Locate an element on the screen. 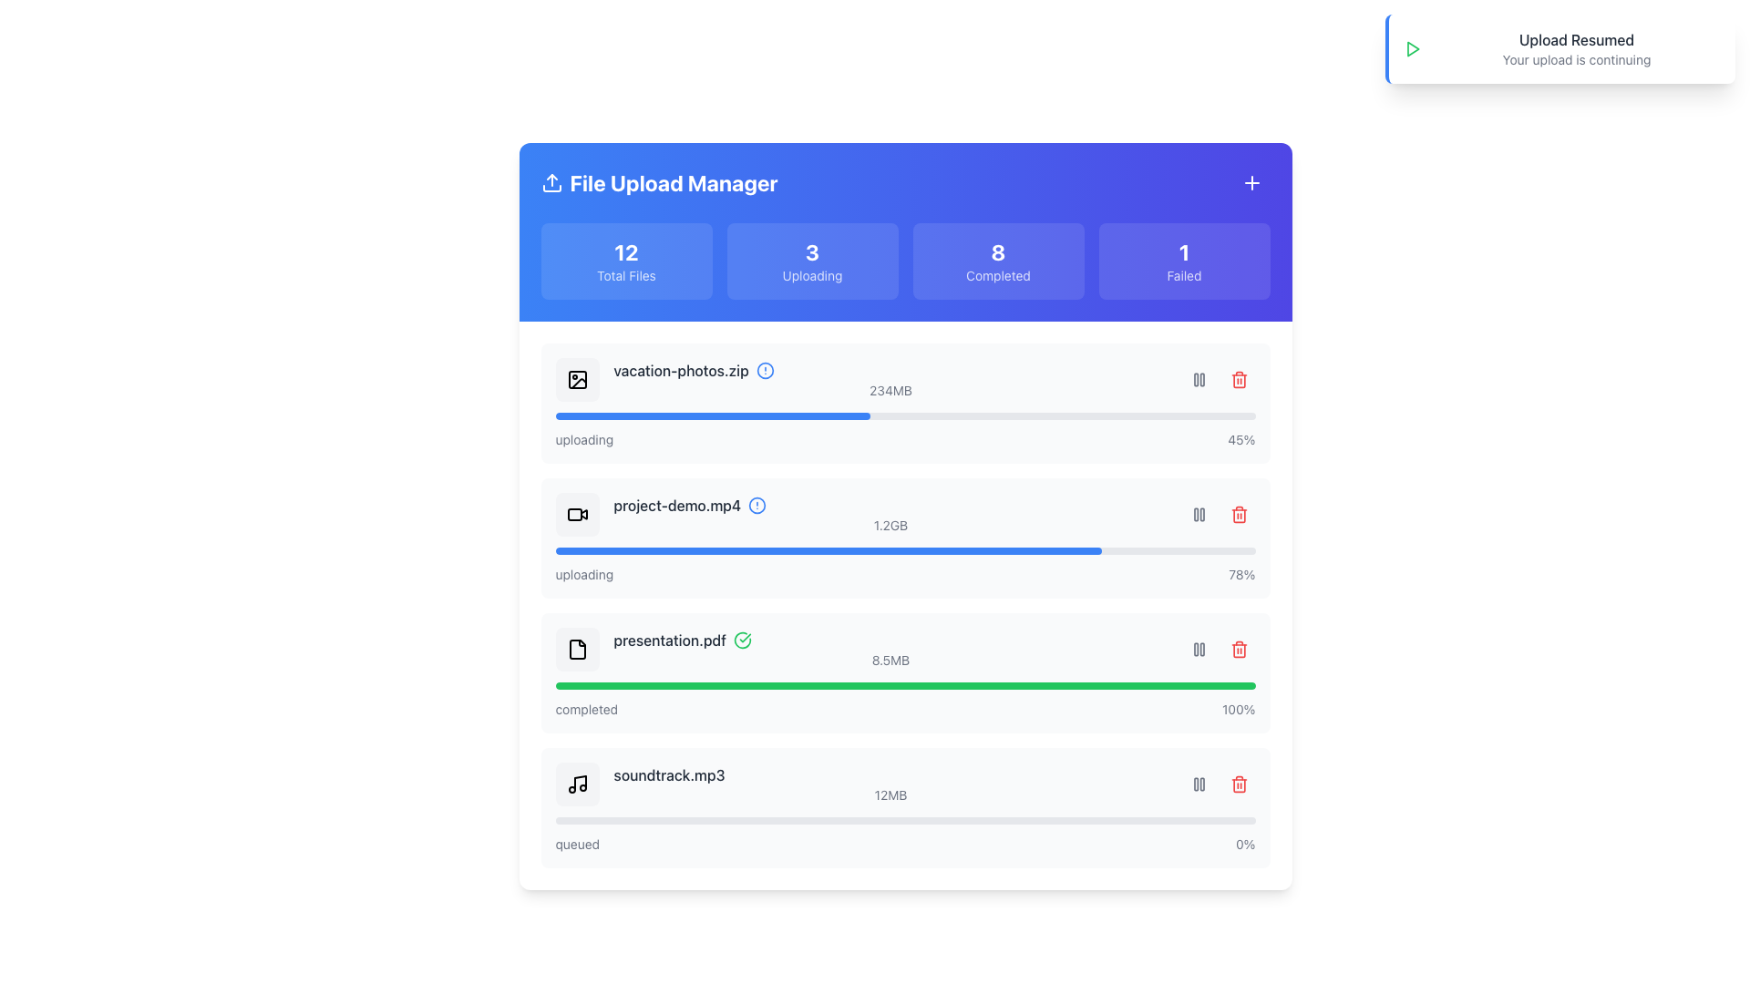  the progress bar indicating the completion status of the file upload for 'presentation.pdf 8.5MB completed 100%', which is the third progress bar from the top in a vertical list is located at coordinates (905, 685).